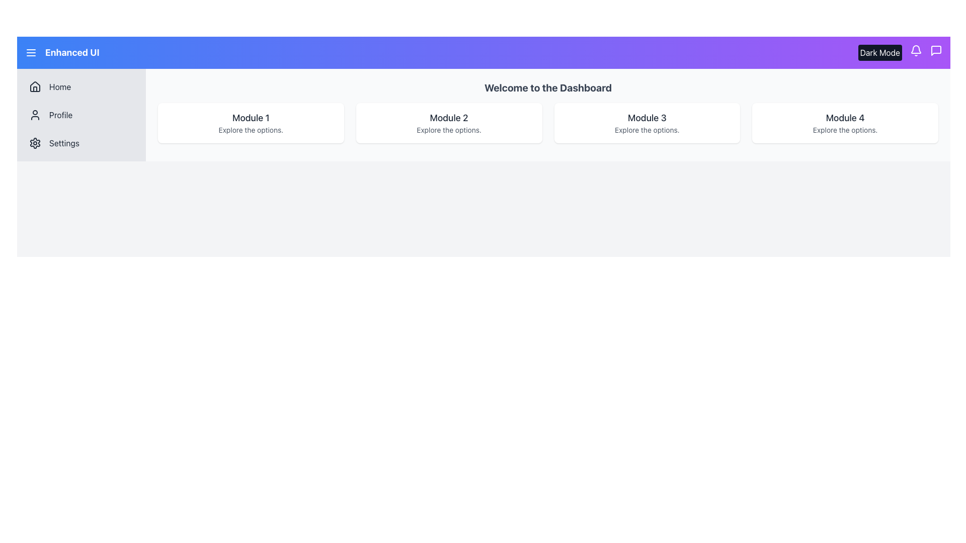 The width and height of the screenshot is (966, 543). Describe the element at coordinates (916, 50) in the screenshot. I see `the notification indicator icon located in the top navigation bar, which is the second icon from the right` at that location.